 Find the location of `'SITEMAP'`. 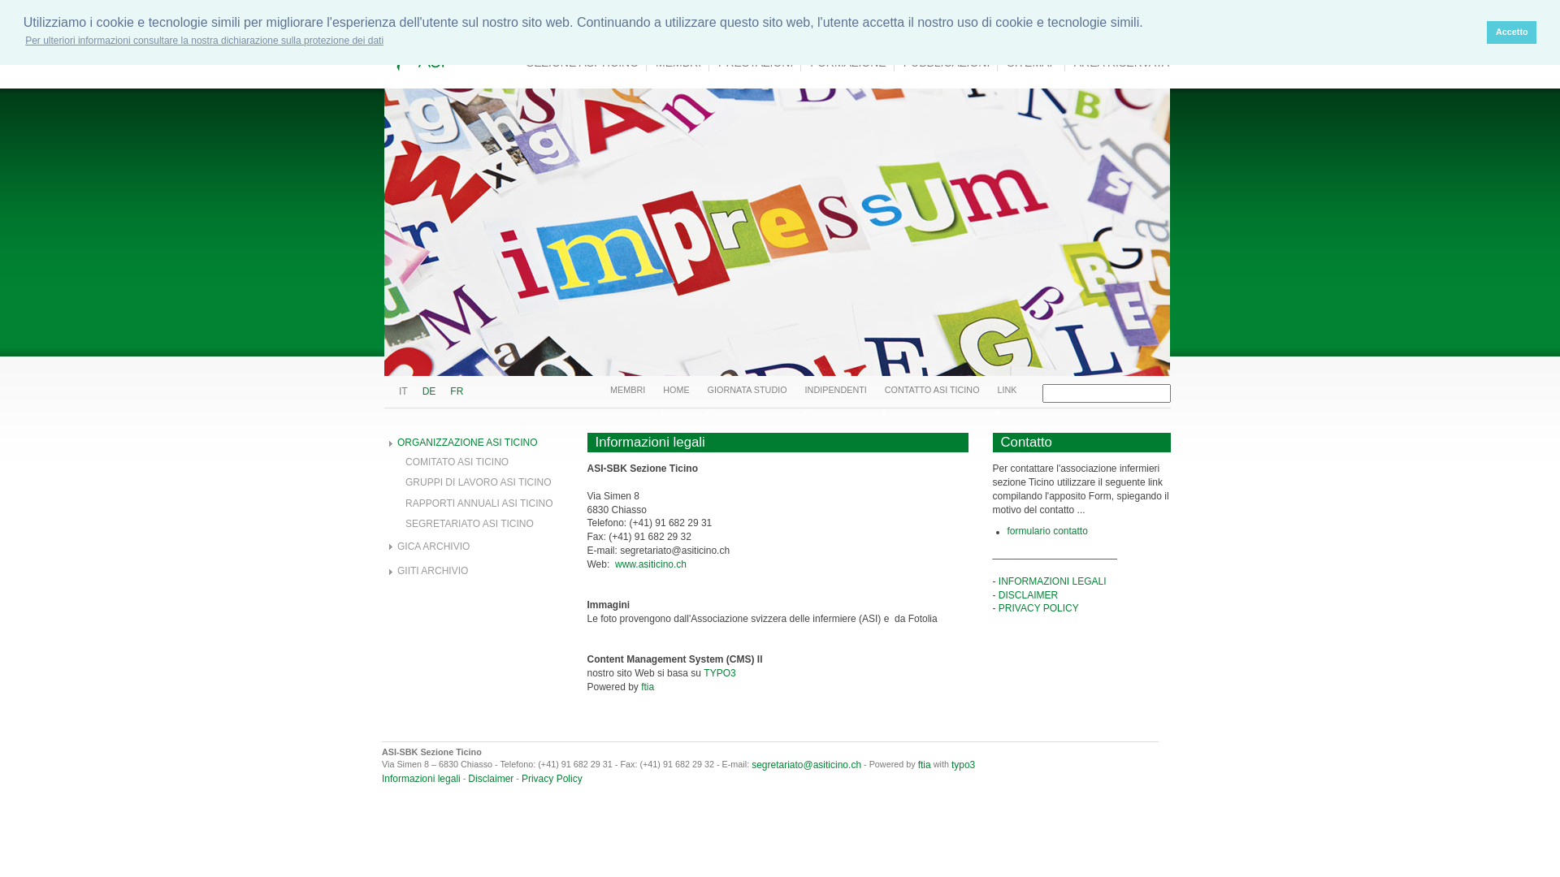

'SITEMAP' is located at coordinates (1031, 62).